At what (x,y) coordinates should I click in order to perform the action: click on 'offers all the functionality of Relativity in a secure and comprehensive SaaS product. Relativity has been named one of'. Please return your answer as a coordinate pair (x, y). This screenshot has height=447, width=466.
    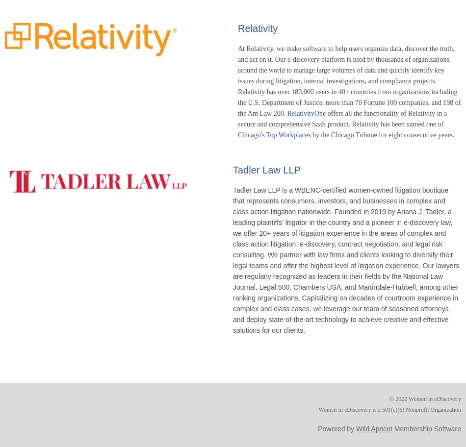
    Looking at the image, I should click on (342, 118).